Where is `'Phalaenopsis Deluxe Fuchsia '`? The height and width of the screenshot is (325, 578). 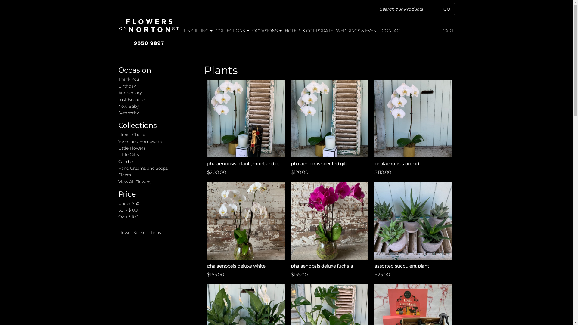 'Phalaenopsis Deluxe Fuchsia ' is located at coordinates (329, 220).